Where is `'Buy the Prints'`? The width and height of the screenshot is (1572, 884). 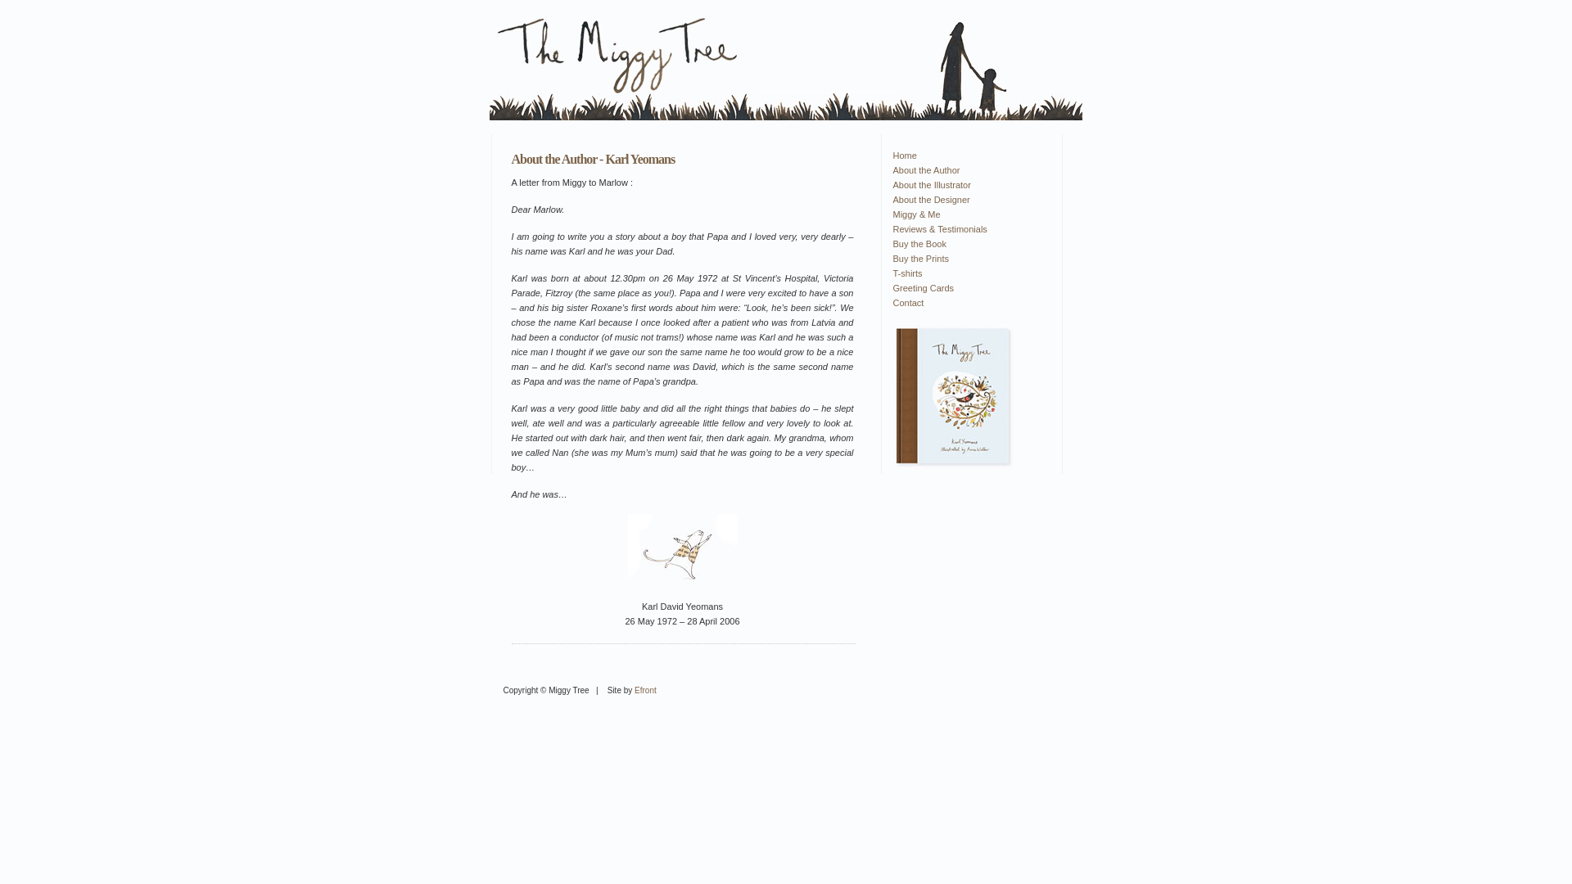
'Buy the Prints' is located at coordinates (966, 258).